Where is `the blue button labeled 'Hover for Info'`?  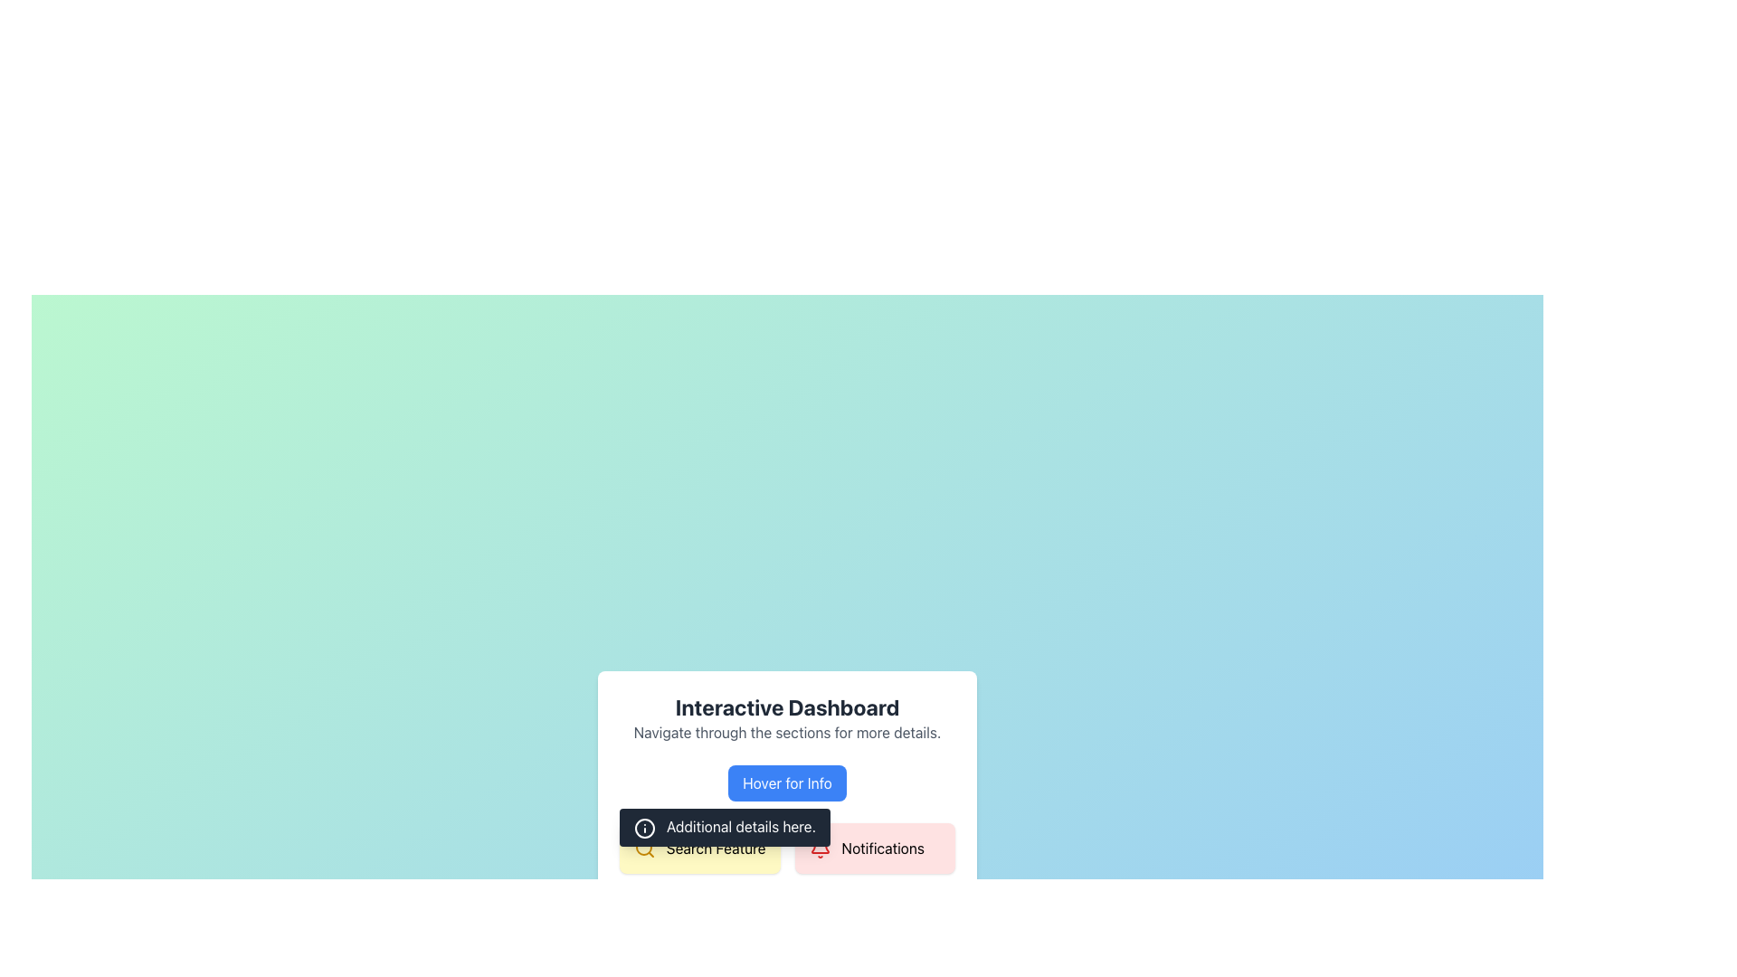
the blue button labeled 'Hover for Info' is located at coordinates (787, 783).